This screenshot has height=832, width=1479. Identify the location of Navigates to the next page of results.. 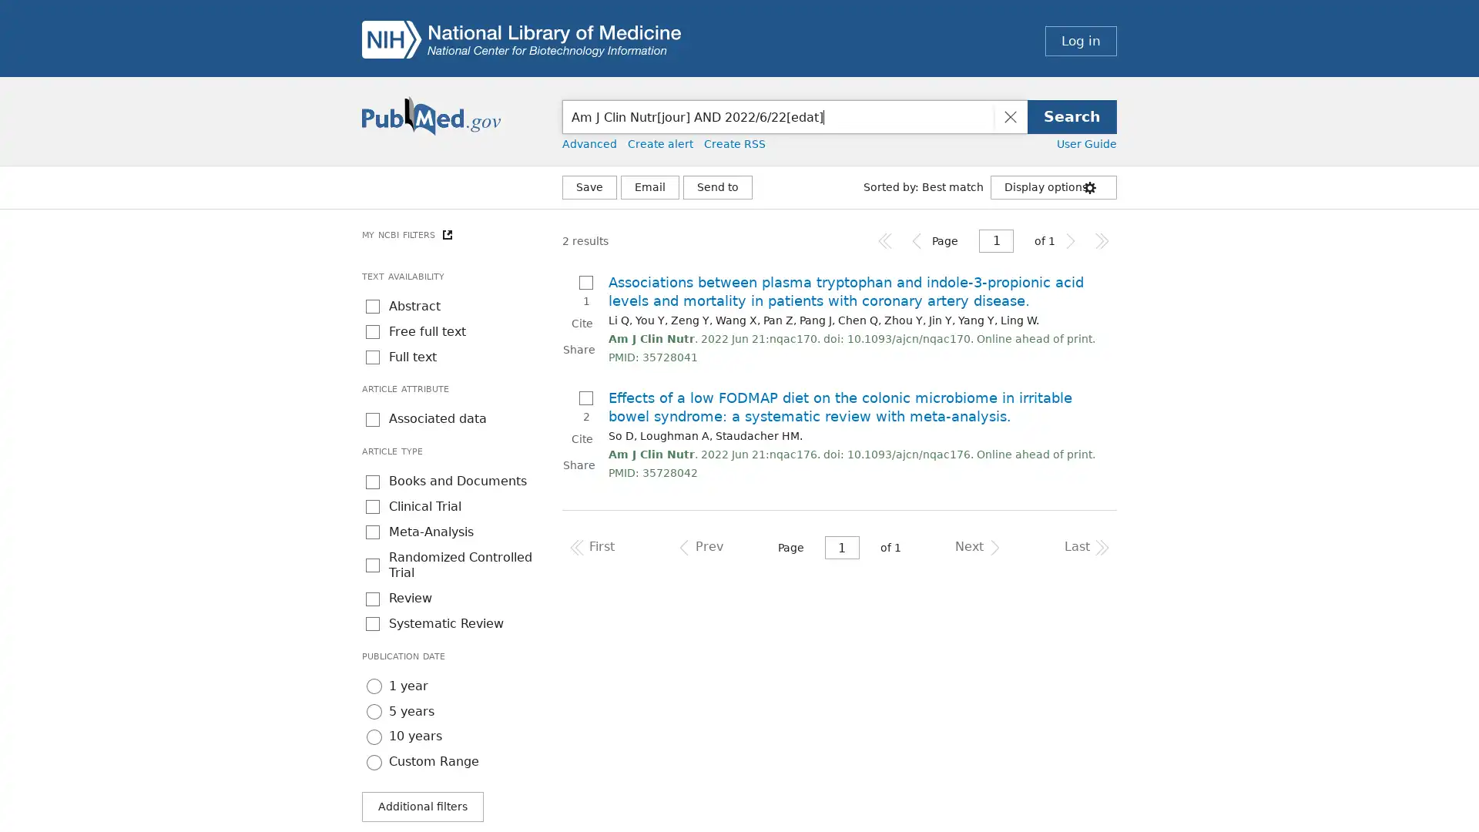
(1070, 240).